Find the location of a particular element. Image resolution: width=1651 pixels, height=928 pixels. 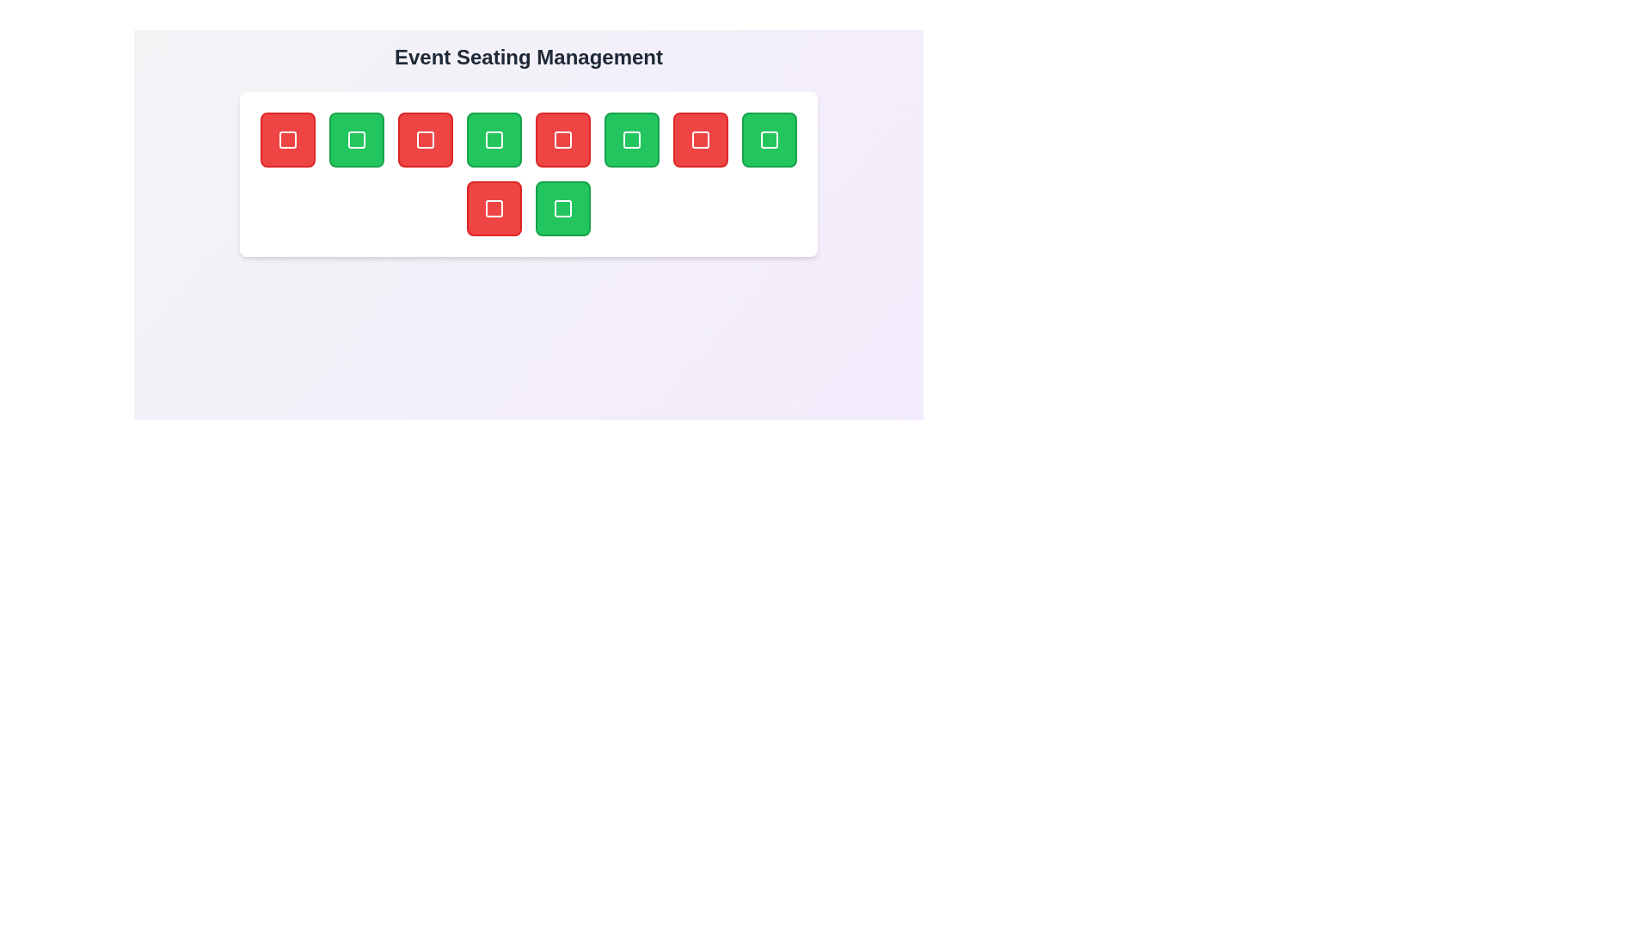

the white square SVG icon located within the upper-left red button of the seating management interface is located at coordinates (288, 138).